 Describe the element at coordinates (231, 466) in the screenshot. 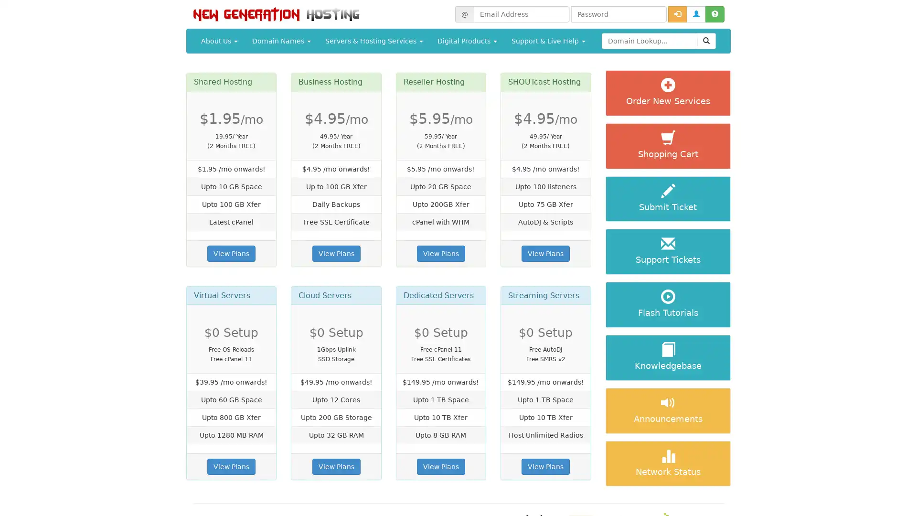

I see `View Plans` at that location.